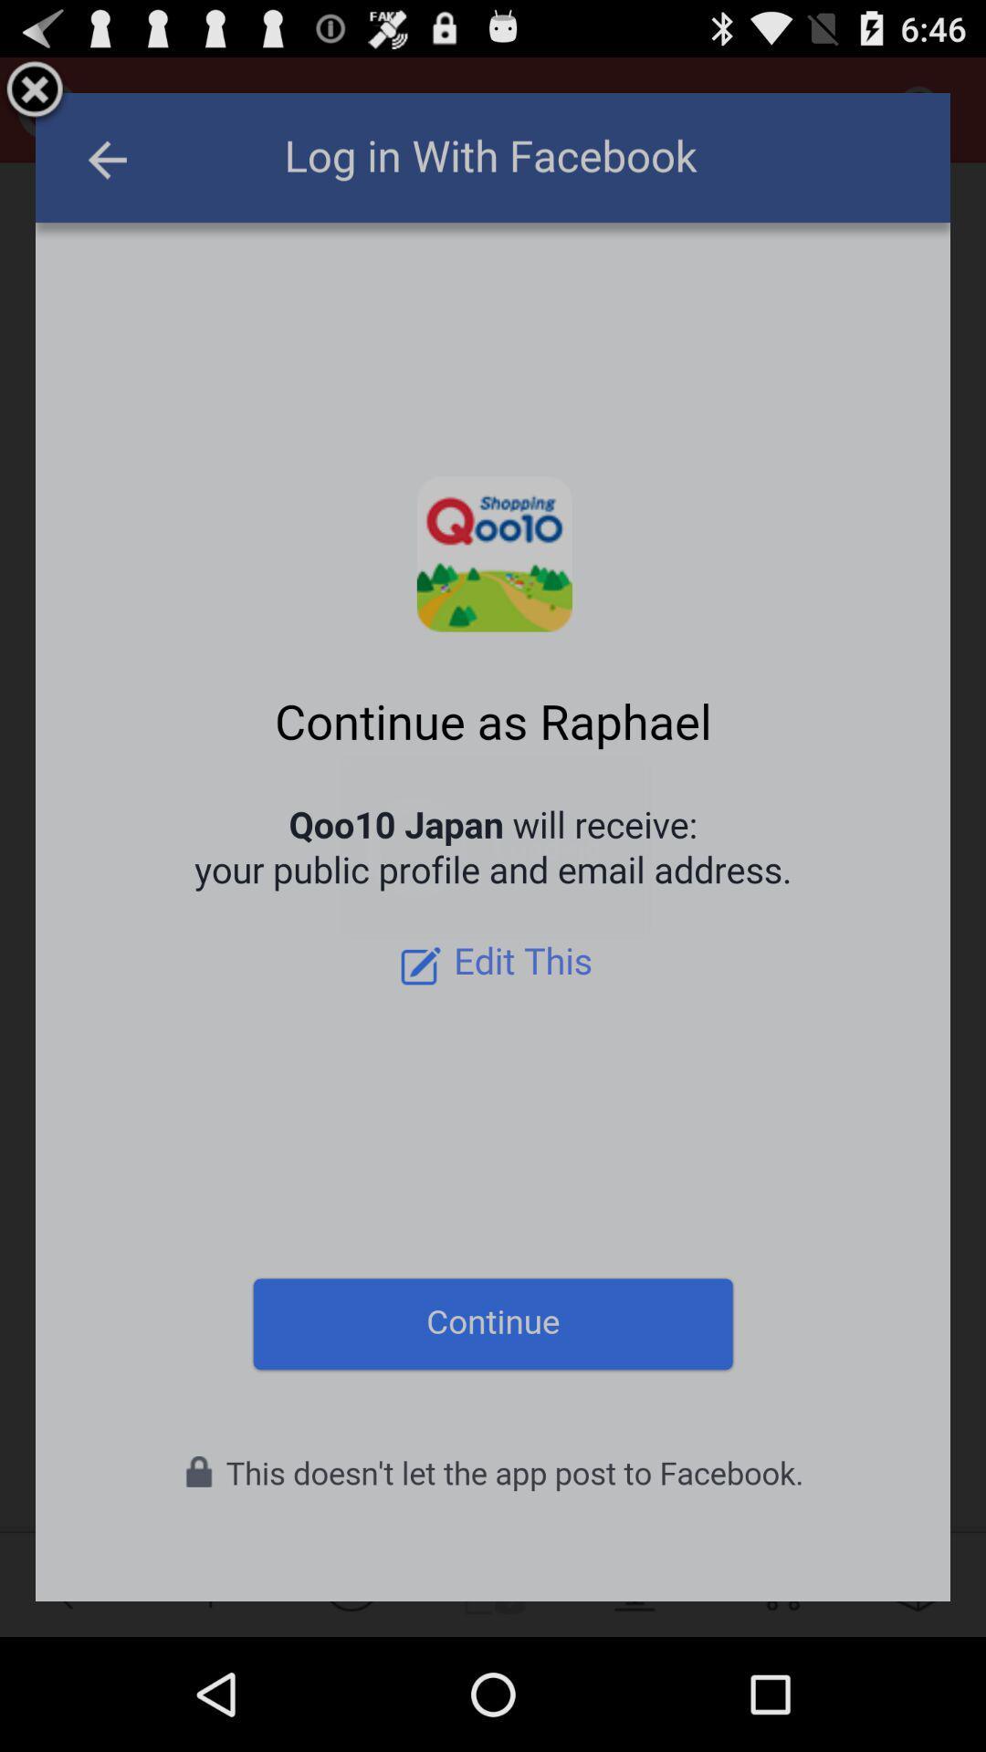  What do you see at coordinates (35, 91) in the screenshot?
I see `window` at bounding box center [35, 91].